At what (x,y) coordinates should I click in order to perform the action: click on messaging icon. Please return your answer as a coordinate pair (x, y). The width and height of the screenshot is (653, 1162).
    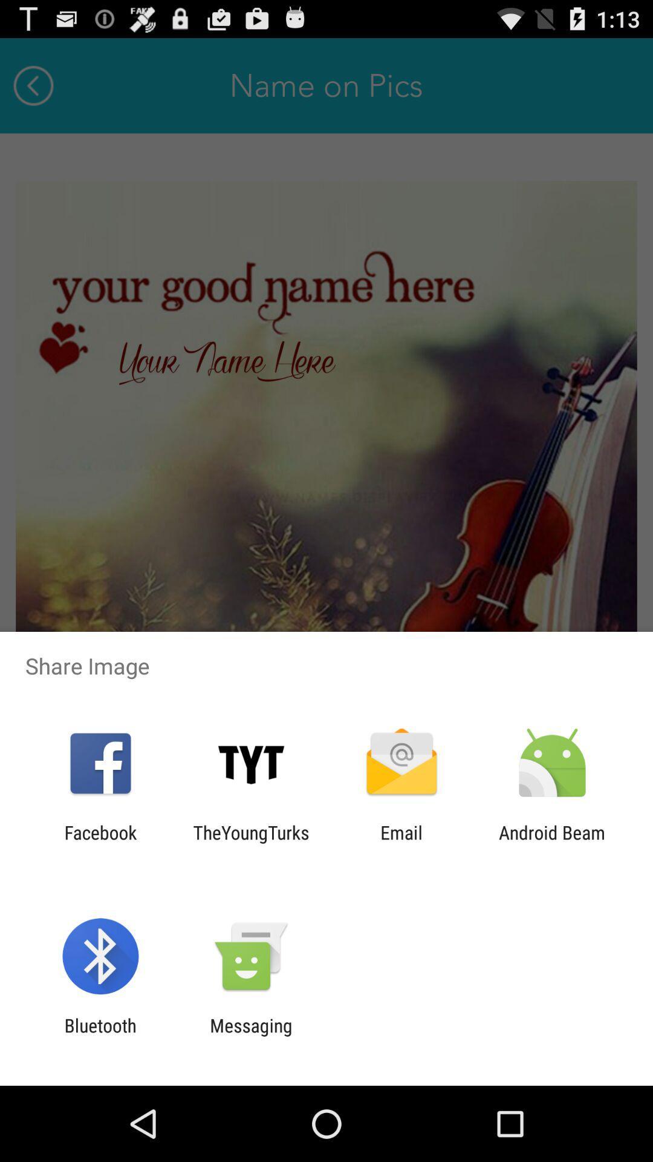
    Looking at the image, I should click on (250, 1036).